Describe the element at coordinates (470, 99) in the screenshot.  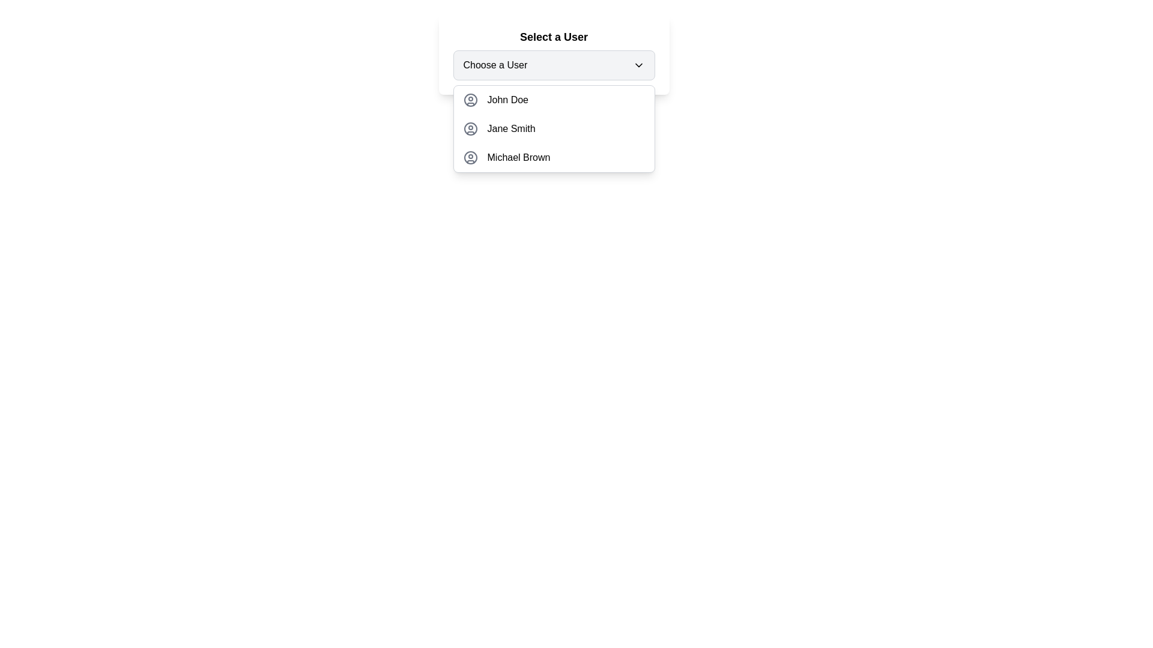
I see `the small circular user icon with a gray outline, which features a stylized human figure, located to the left of the text 'John Doe' in the dropdown menu under 'Select a User'` at that location.